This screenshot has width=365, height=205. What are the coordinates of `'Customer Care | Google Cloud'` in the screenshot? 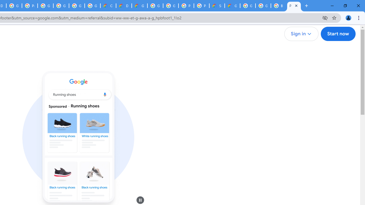 It's located at (108, 6).